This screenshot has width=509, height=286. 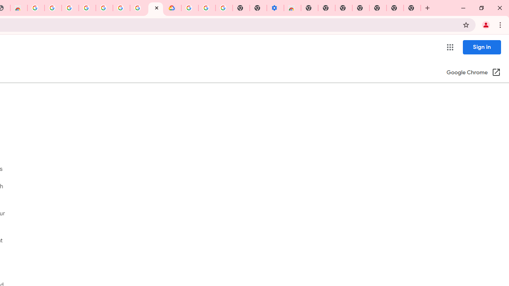 What do you see at coordinates (70, 8) in the screenshot?
I see `'Ad Settings'` at bounding box center [70, 8].